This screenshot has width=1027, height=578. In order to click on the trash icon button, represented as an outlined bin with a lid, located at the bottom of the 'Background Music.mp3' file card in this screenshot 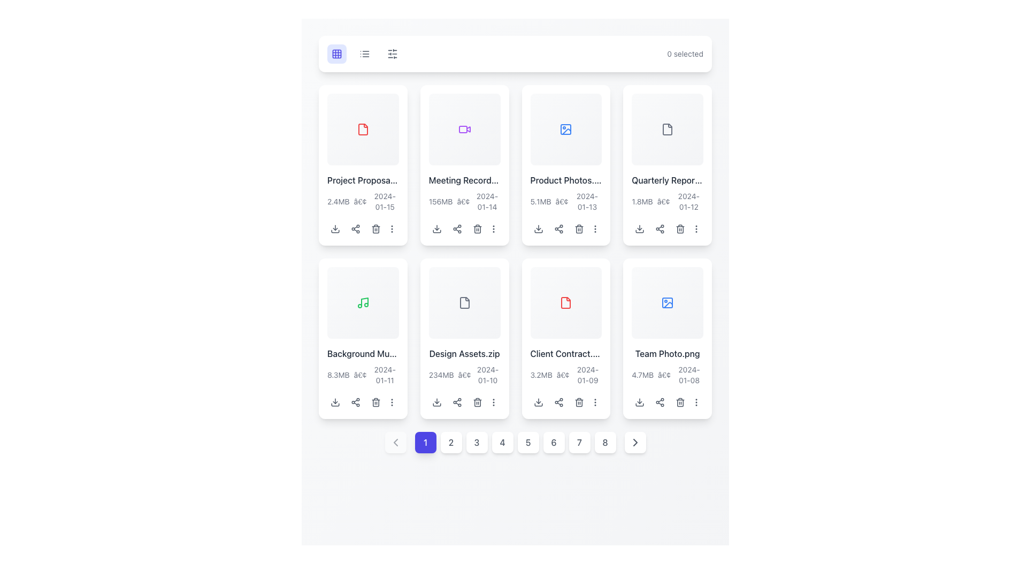, I will do `click(375, 402)`.